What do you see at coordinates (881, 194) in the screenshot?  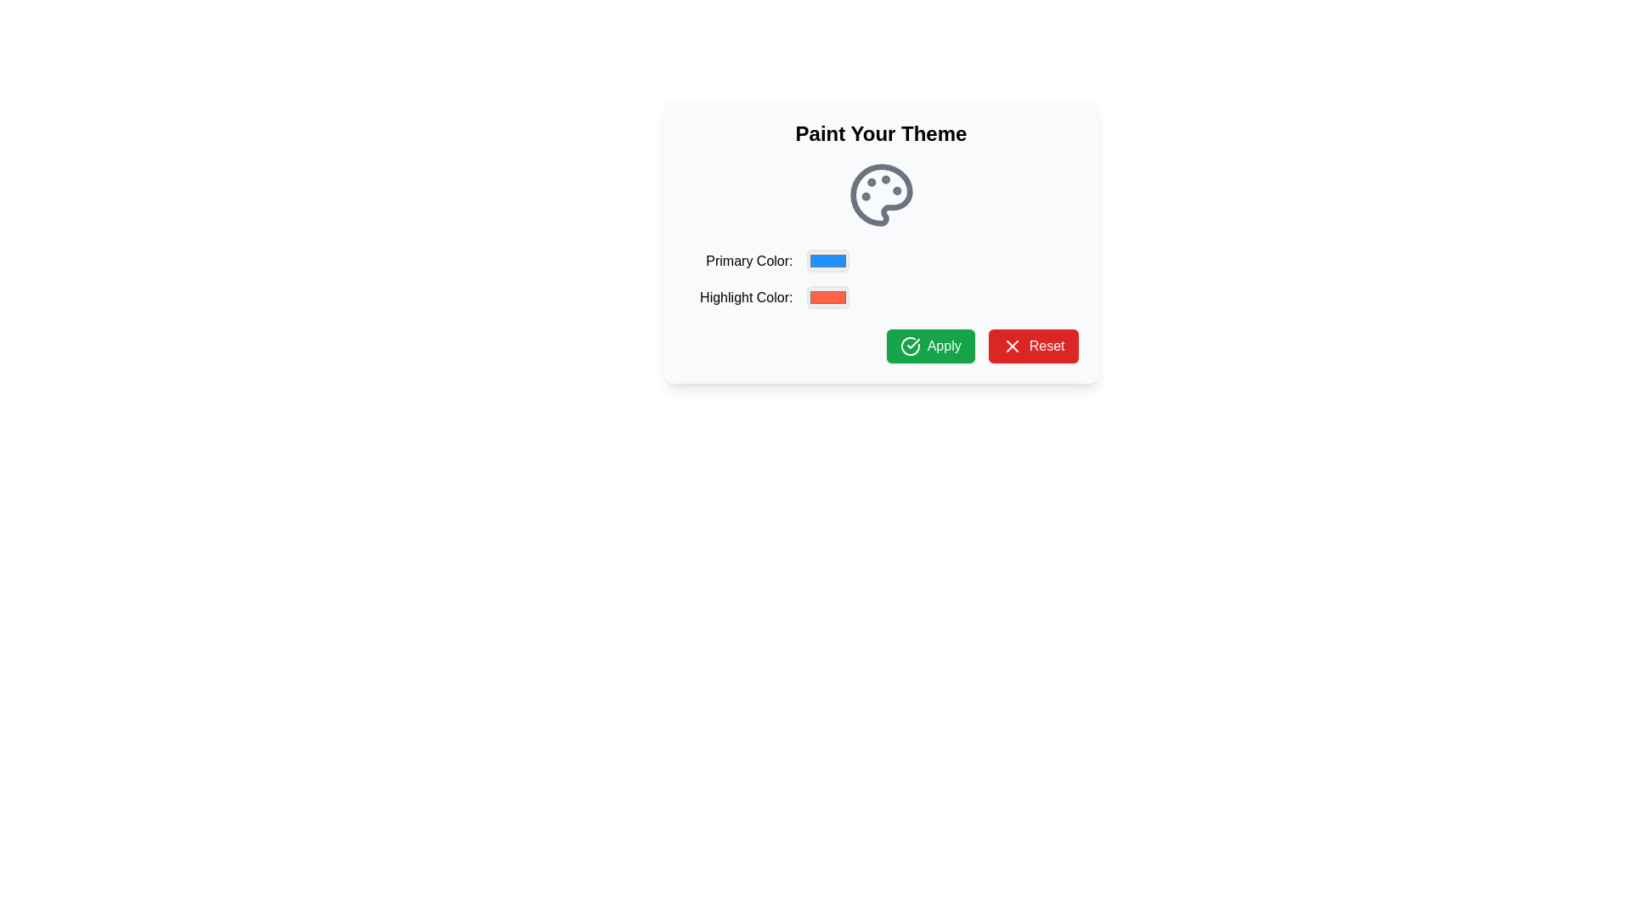 I see `the stylized palette icon displayed in dark gray, which is positioned beneath the 'Paint Your Theme' title text` at bounding box center [881, 194].